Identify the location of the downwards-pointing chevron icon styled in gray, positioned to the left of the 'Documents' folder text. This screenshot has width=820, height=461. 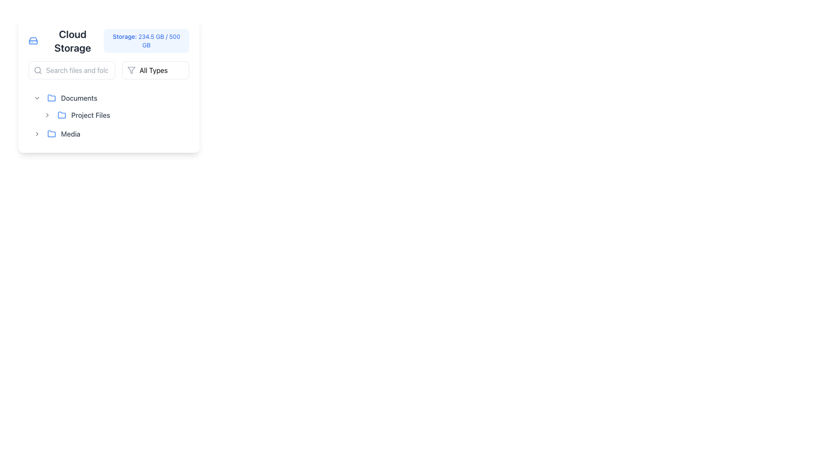
(36, 98).